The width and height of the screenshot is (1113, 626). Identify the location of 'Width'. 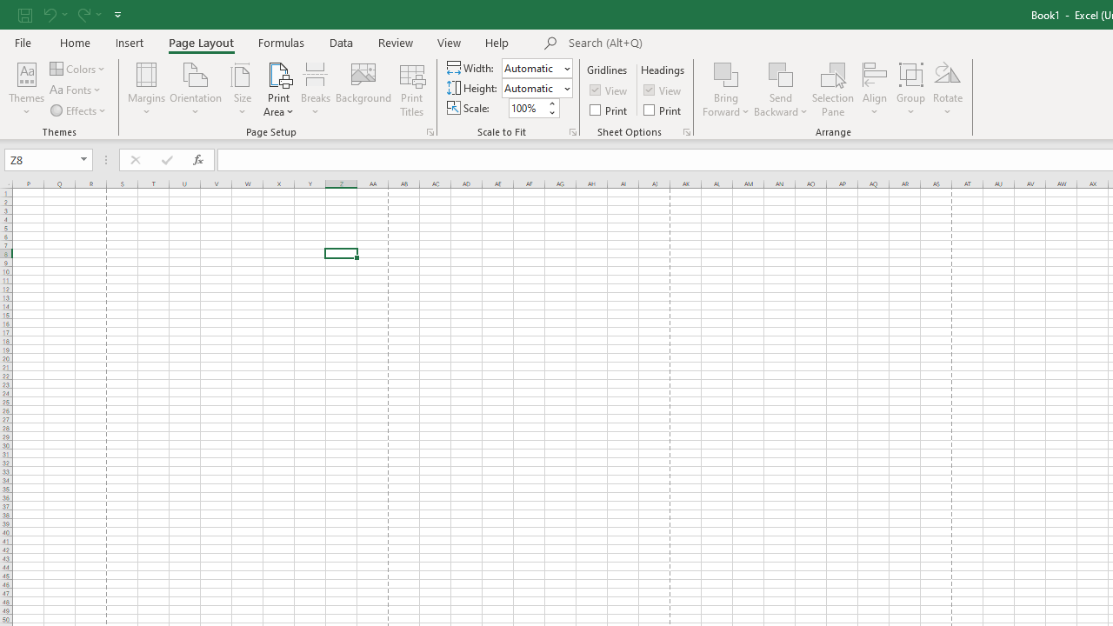
(530, 67).